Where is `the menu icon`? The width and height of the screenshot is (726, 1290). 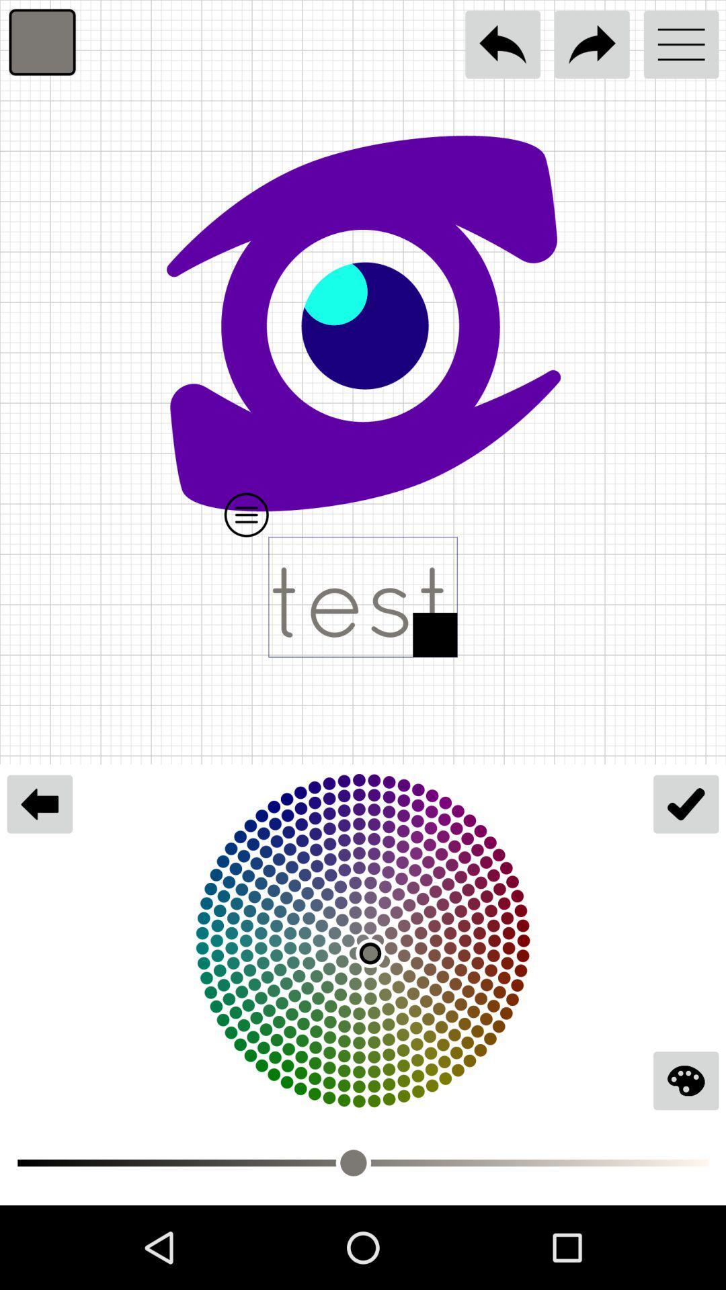
the menu icon is located at coordinates (681, 44).